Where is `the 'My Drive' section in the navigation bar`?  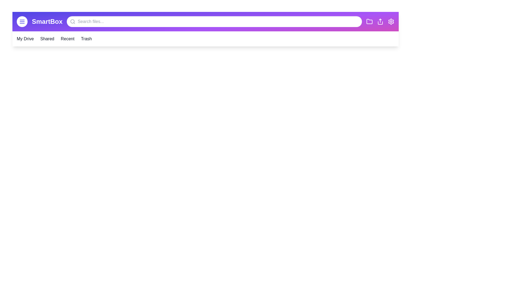
the 'My Drive' section in the navigation bar is located at coordinates (25, 38).